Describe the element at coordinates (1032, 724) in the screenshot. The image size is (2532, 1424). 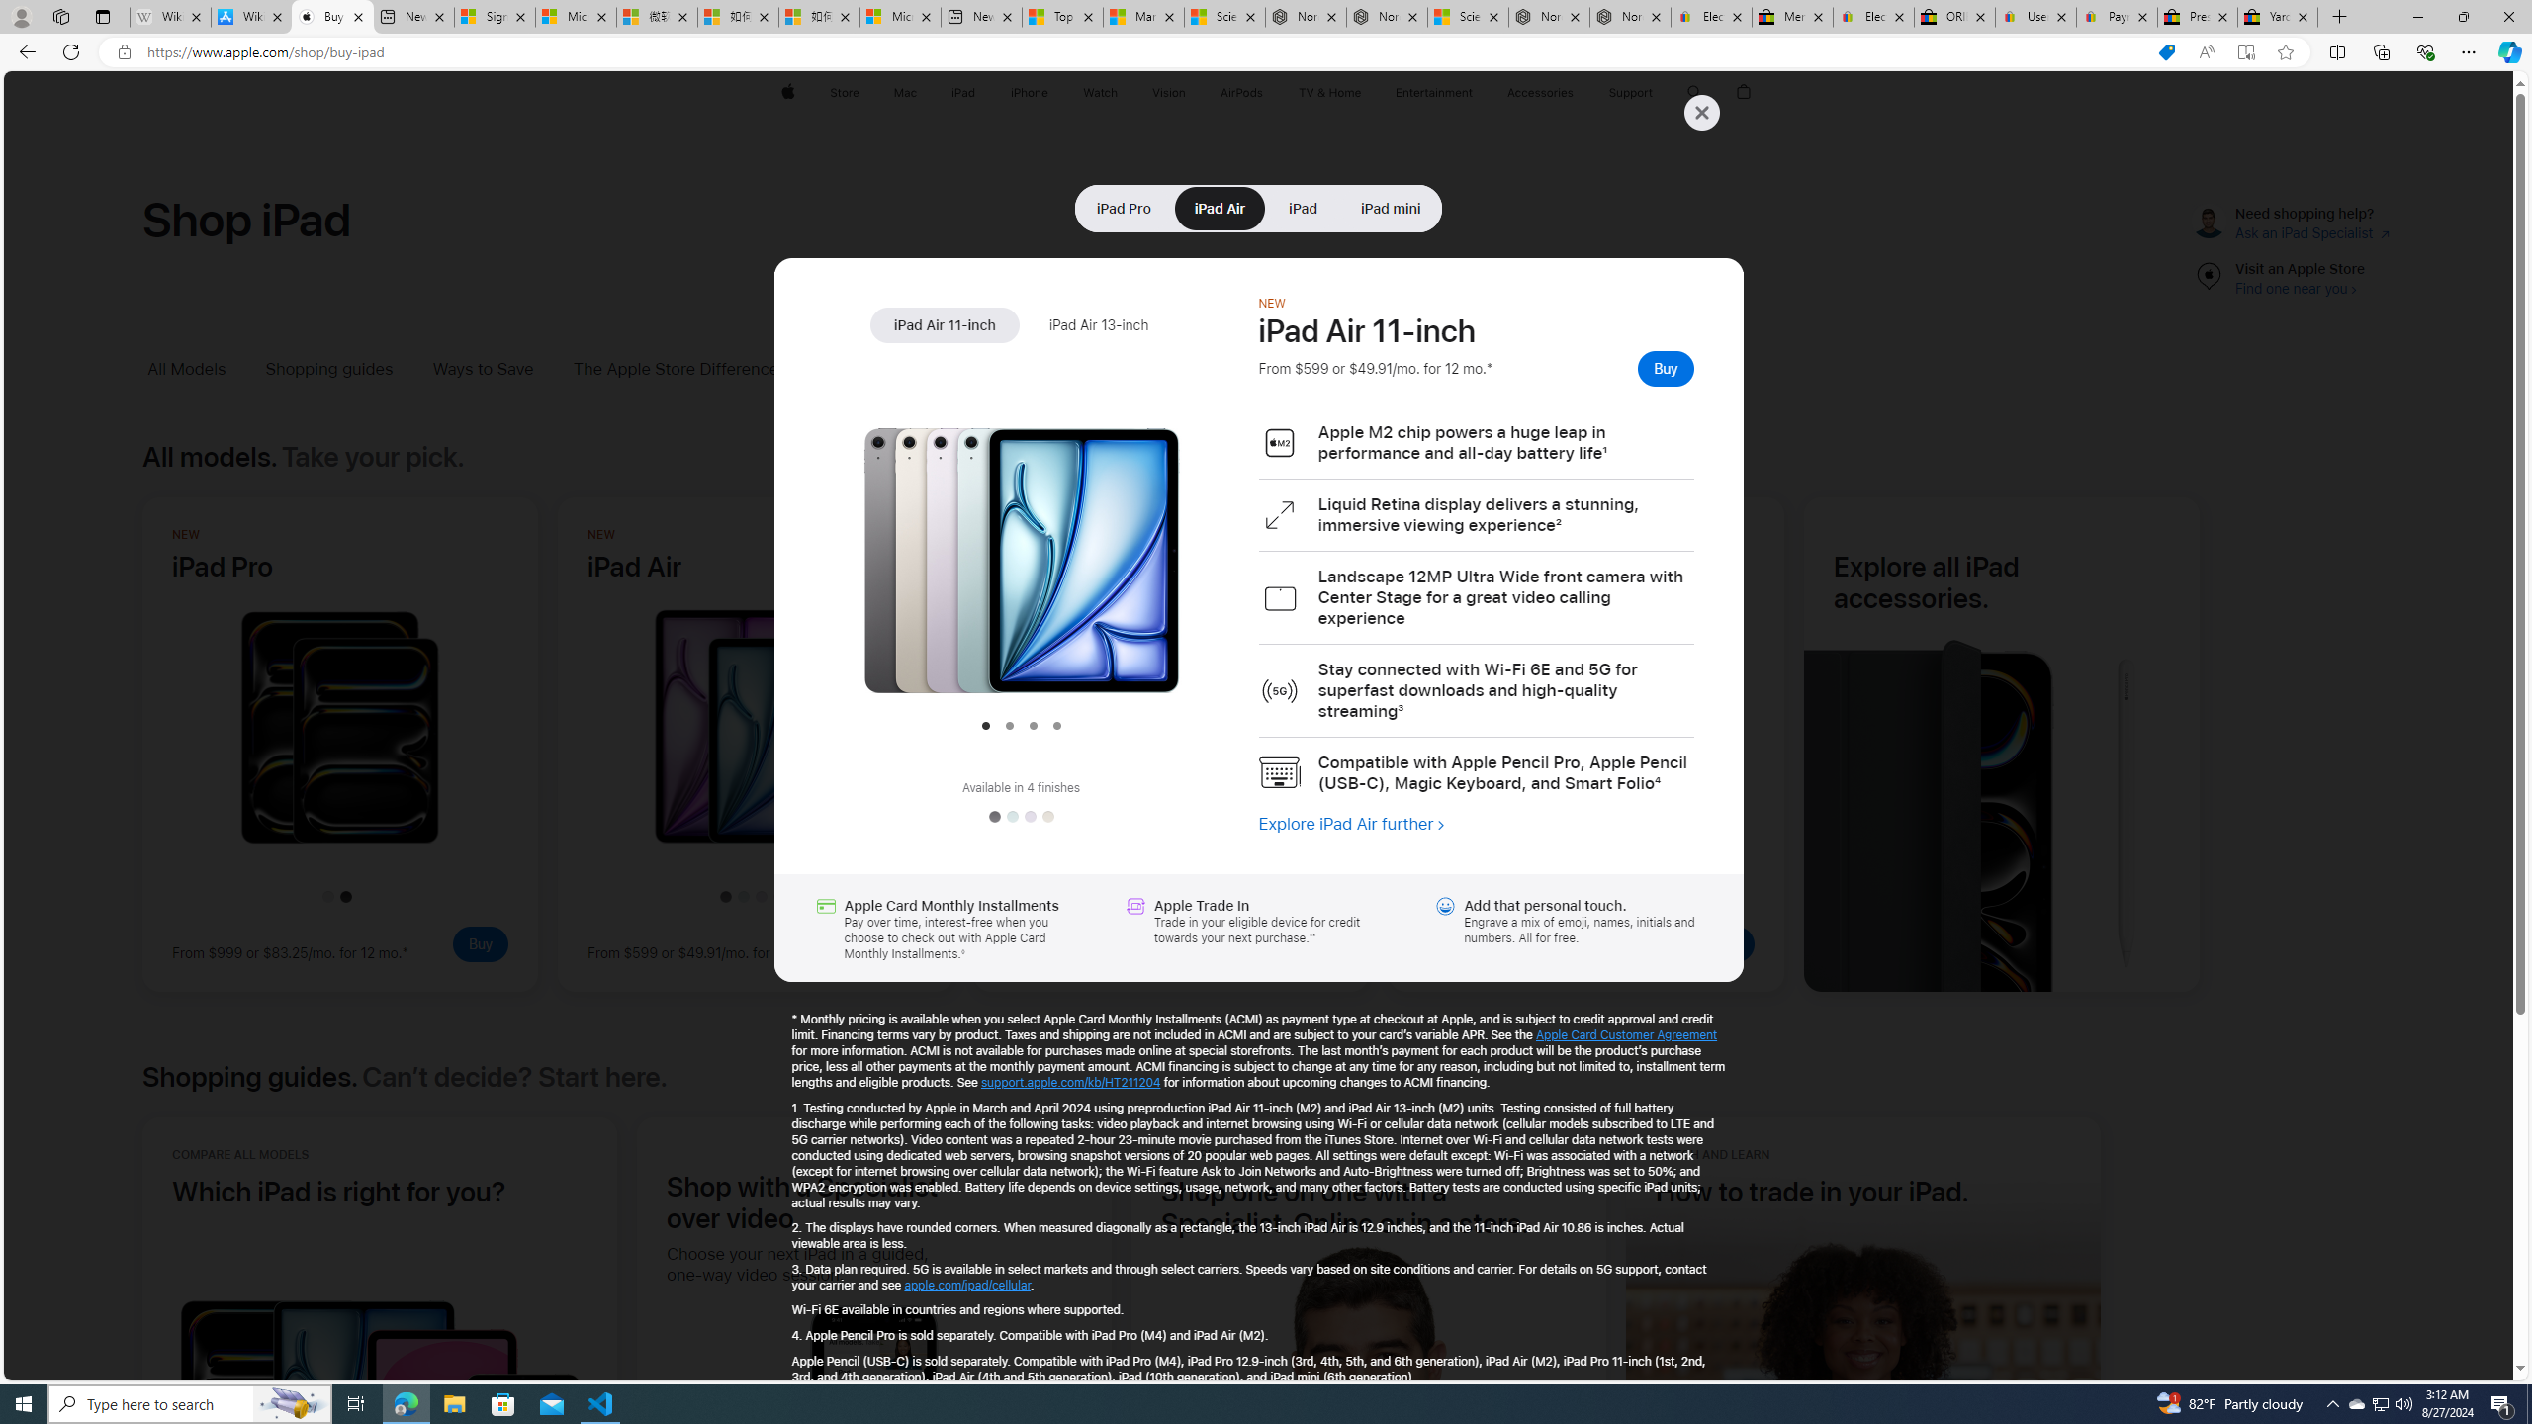
I see `'Item 3'` at that location.